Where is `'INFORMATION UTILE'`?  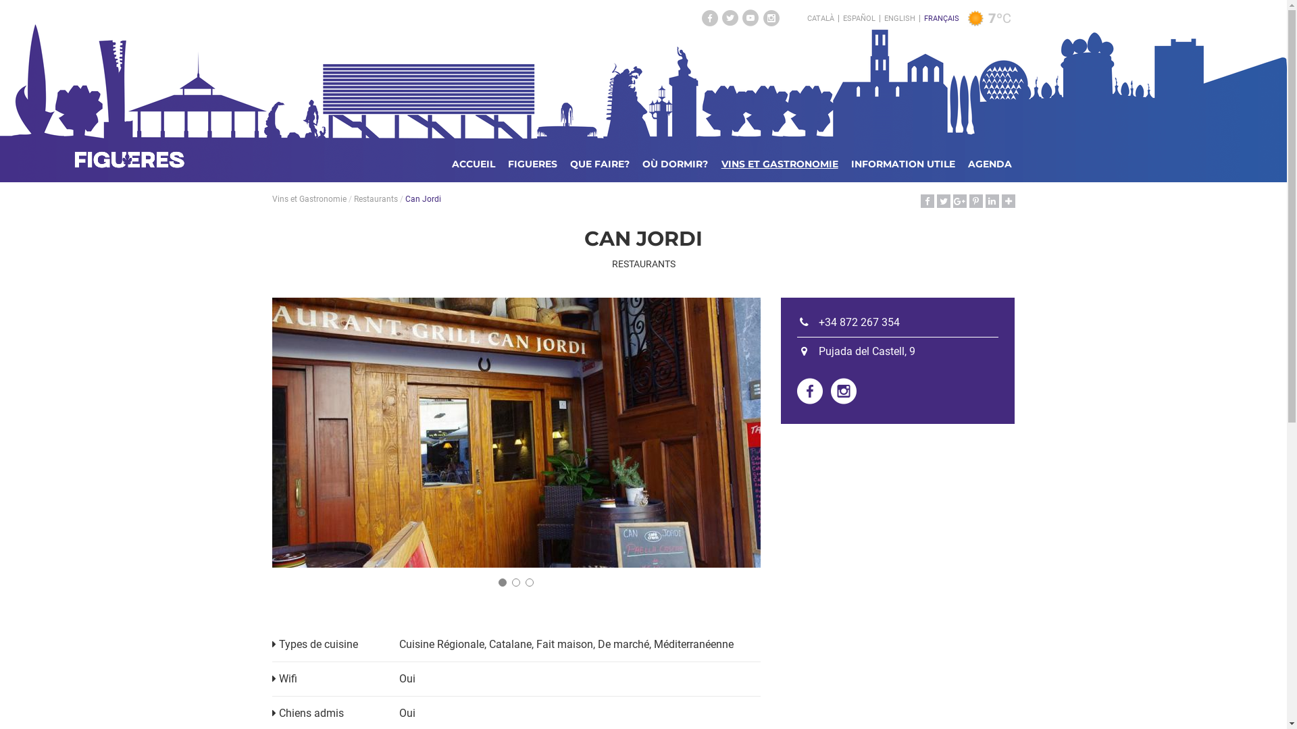 'INFORMATION UTILE' is located at coordinates (903, 163).